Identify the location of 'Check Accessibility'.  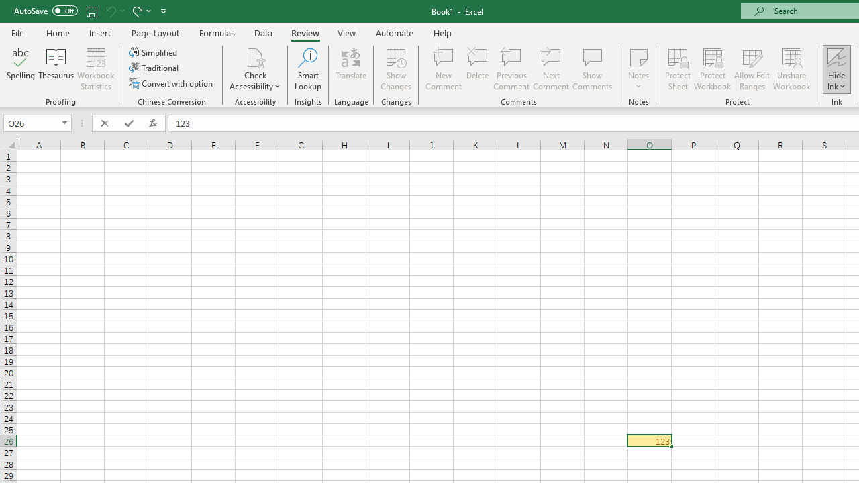
(255, 56).